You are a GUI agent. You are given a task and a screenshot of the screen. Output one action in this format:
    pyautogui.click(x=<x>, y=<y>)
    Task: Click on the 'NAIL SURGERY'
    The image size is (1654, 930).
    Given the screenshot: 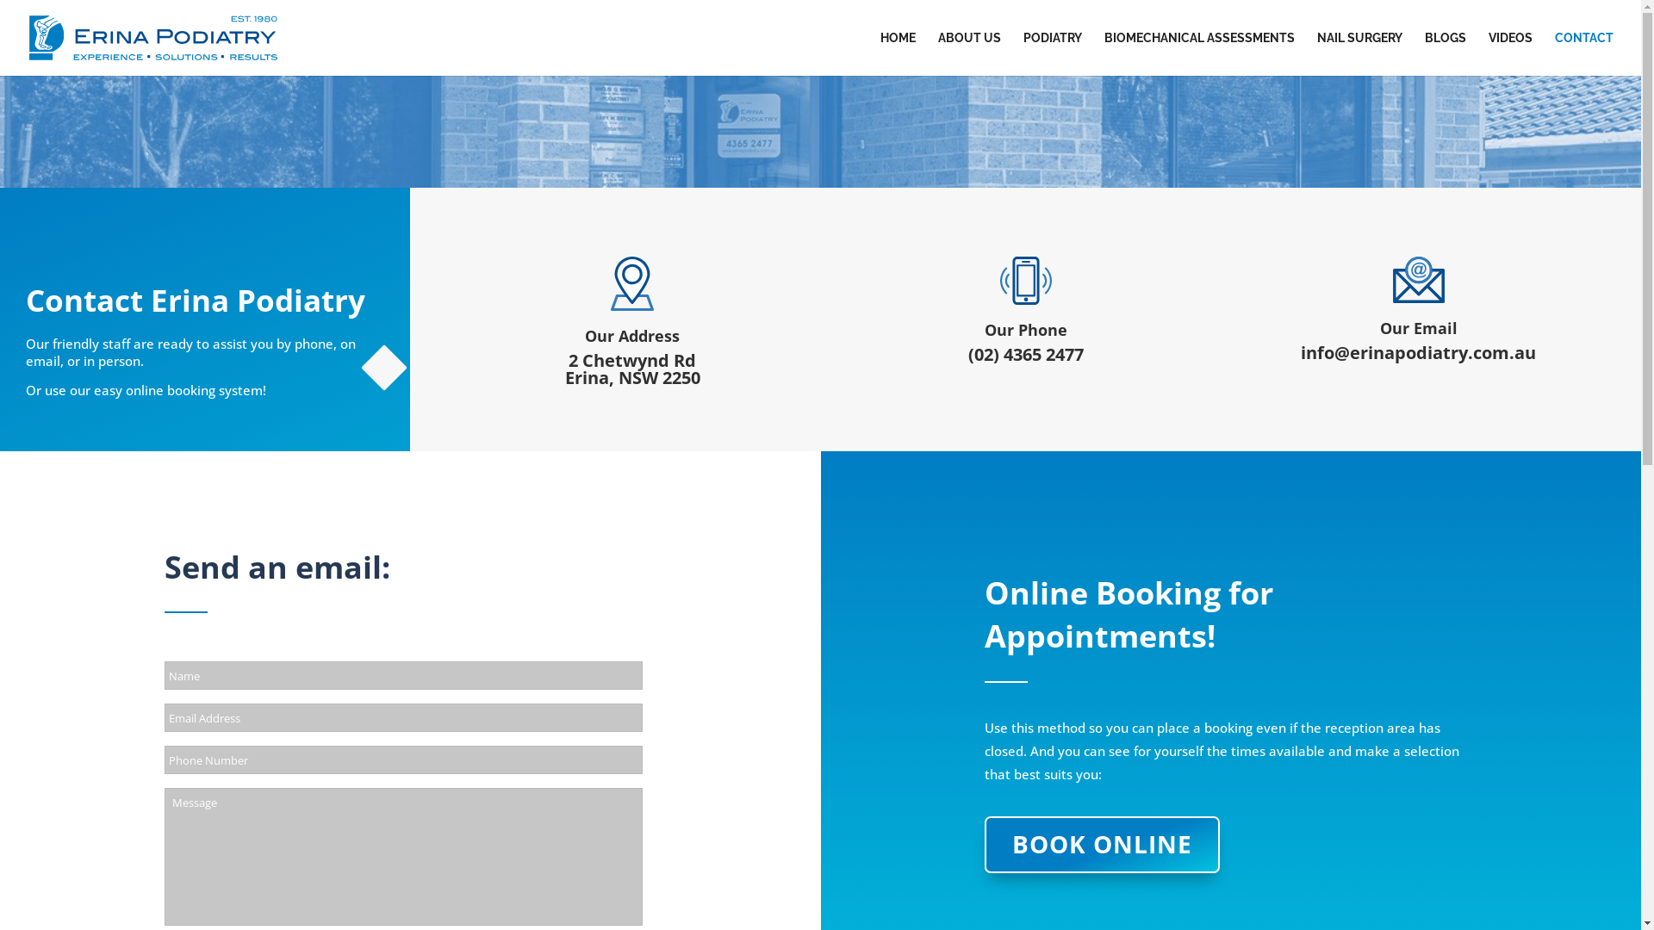 What is the action you would take?
    pyautogui.click(x=1316, y=53)
    